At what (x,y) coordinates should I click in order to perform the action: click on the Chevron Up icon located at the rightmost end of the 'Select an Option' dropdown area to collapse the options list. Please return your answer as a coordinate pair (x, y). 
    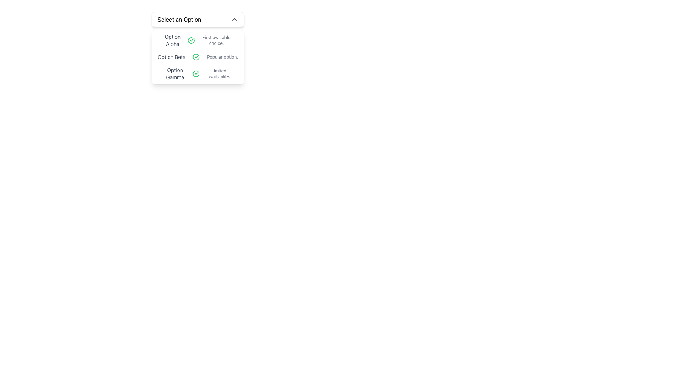
    Looking at the image, I should click on (235, 19).